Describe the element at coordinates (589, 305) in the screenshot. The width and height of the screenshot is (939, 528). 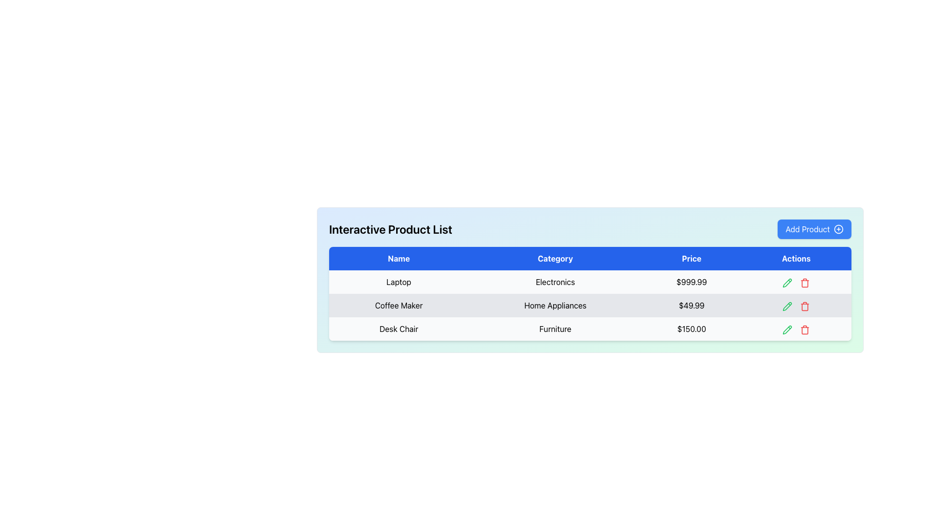
I see `the product entry tabular row located between 'Laptop' and 'Desk Chair'` at that location.